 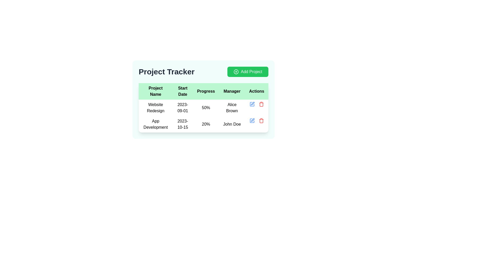 I want to click on the square-shaped icon with rounded edges representing an action control in the 'Actions' column for the 'App Development' row to initiate the edit action, so click(x=252, y=104).